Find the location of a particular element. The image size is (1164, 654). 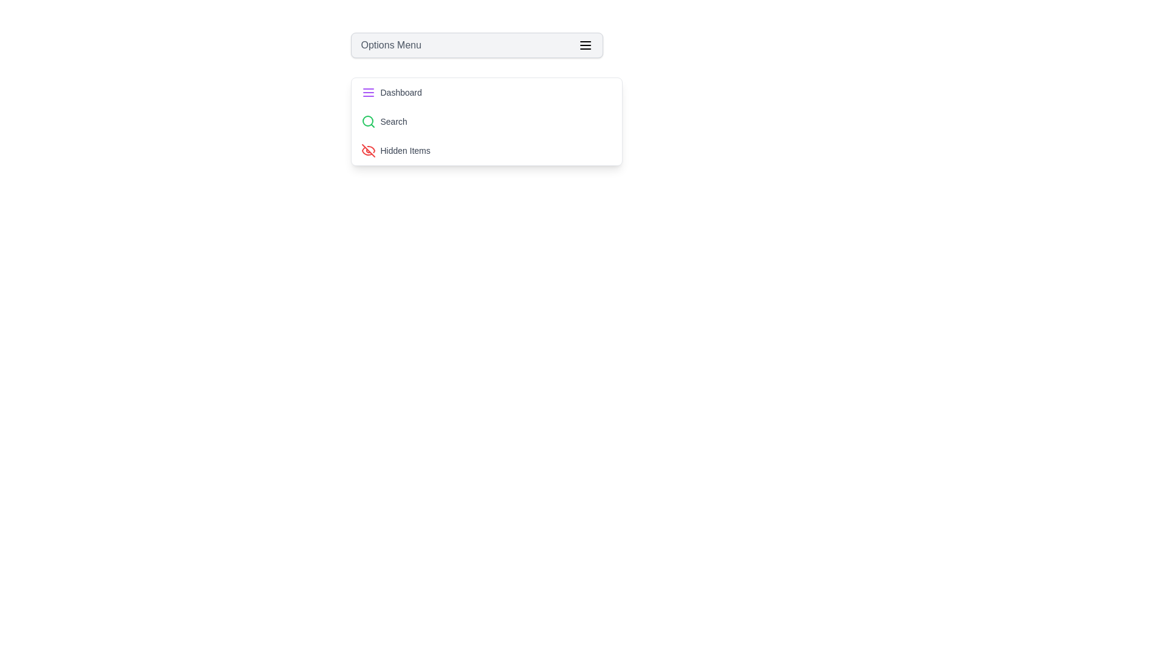

to select the 'Hidden Items' menu item, which is the third item in the dropdown menu below 'Dashboard' and 'Search', and is identified by its small red eye icon indicating visibility or hidden status is located at coordinates (486, 150).